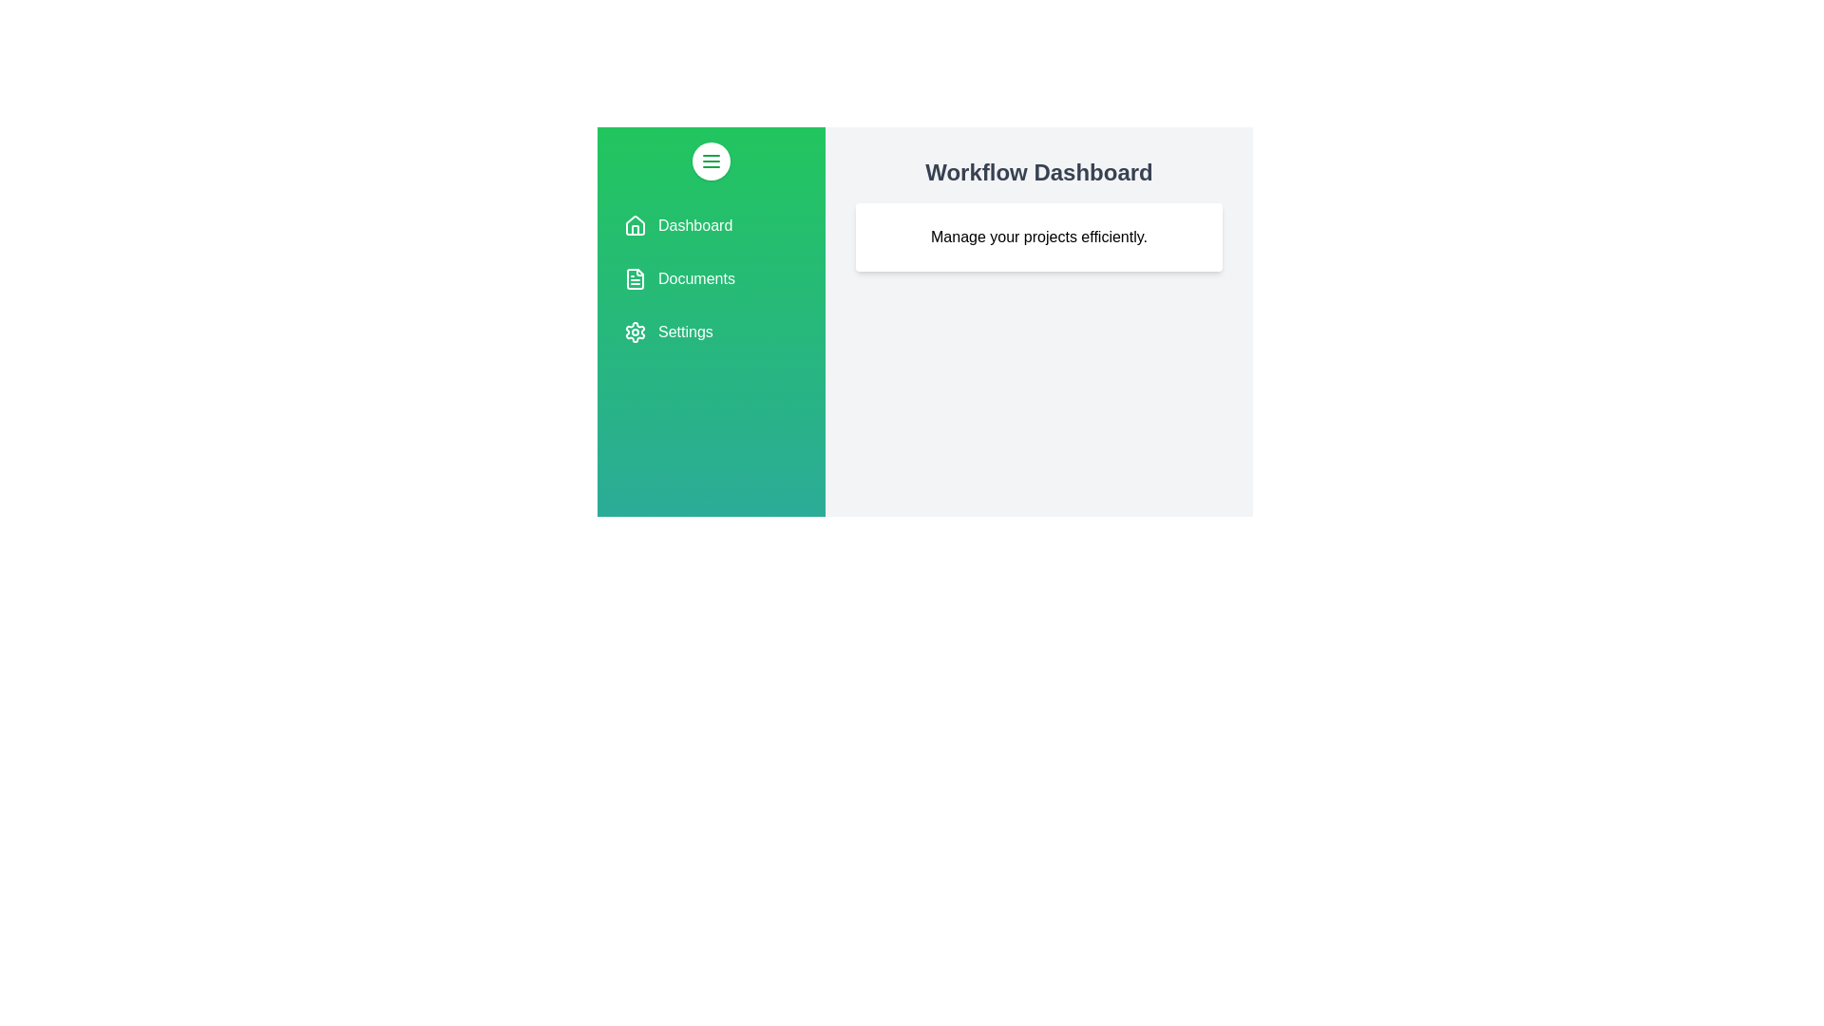 This screenshot has height=1026, width=1824. I want to click on the menu button to toggle the drawer state, so click(710, 160).